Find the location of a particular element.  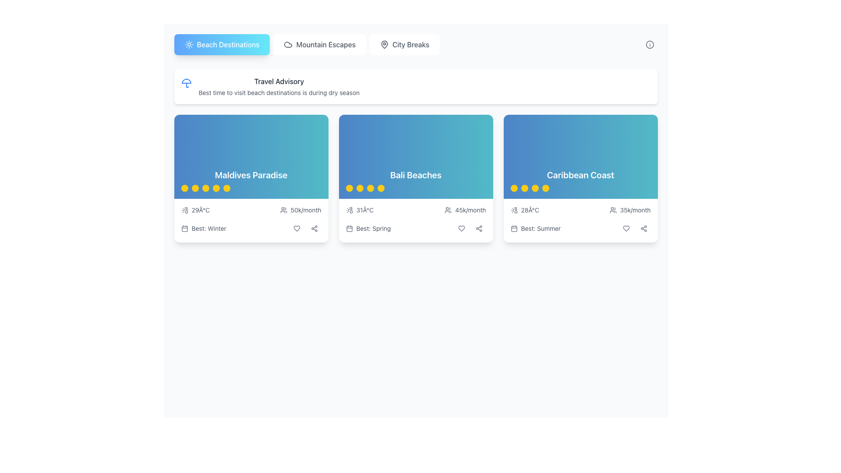

the fourth yellow circular icon in the 'Bali Beaches' section, located under the rating stars is located at coordinates (381, 187).